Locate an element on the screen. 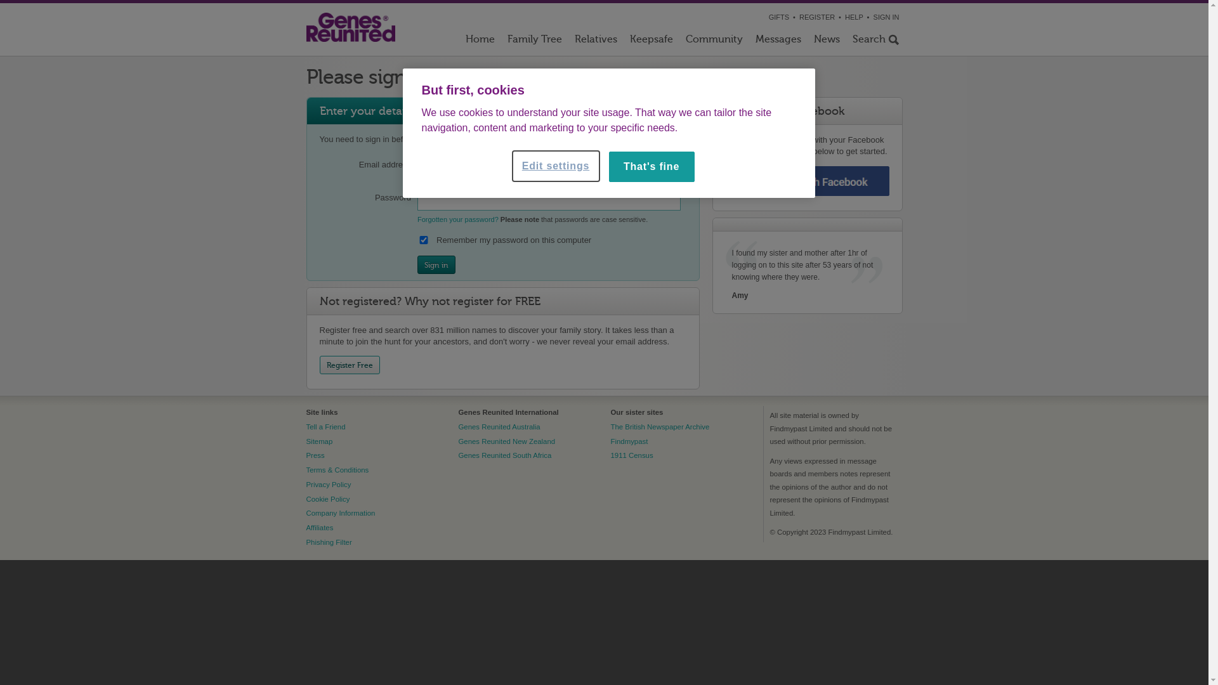 This screenshot has height=685, width=1218. 'Family Tree' is located at coordinates (501, 41).